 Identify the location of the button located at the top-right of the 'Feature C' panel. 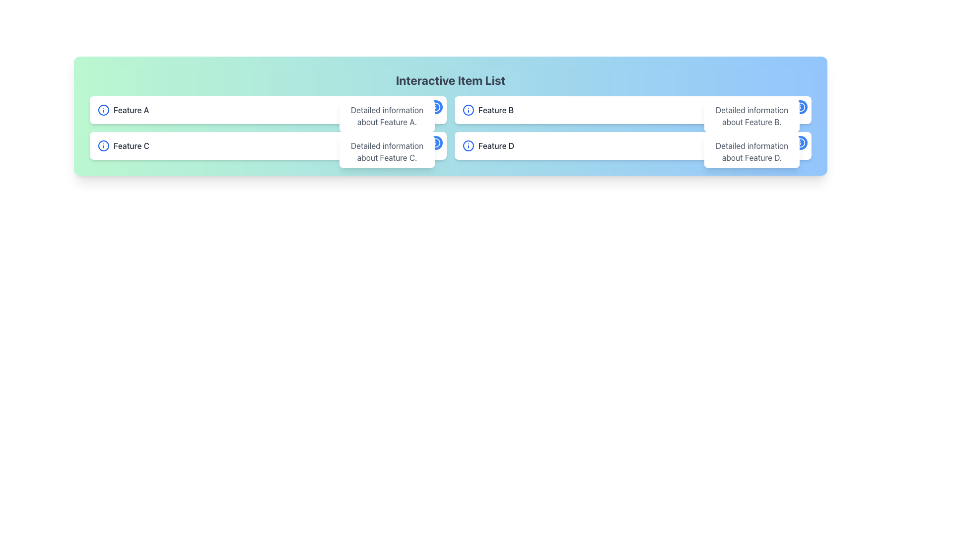
(436, 143).